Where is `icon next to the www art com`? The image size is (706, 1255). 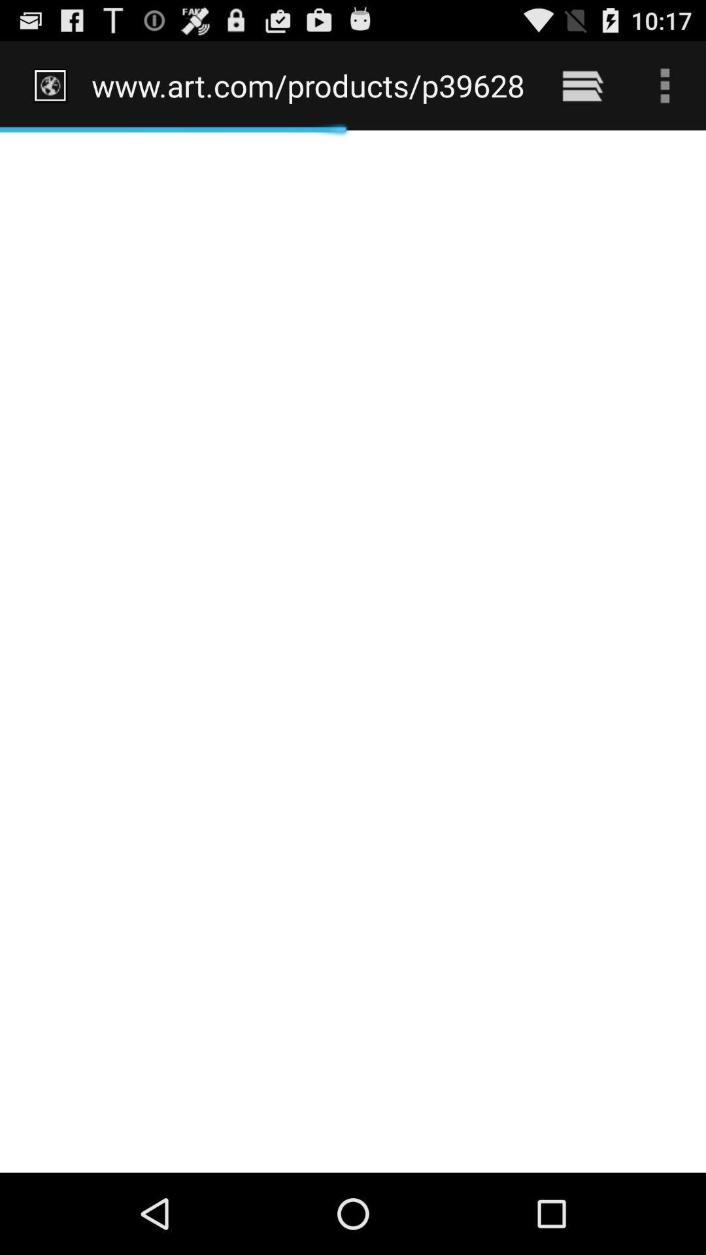 icon next to the www art com is located at coordinates (582, 85).